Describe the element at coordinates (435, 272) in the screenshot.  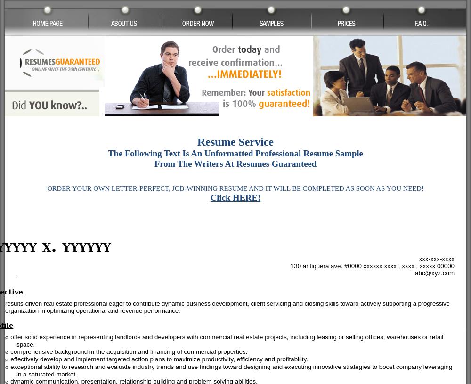
I see `'abc@xyz.com'` at that location.